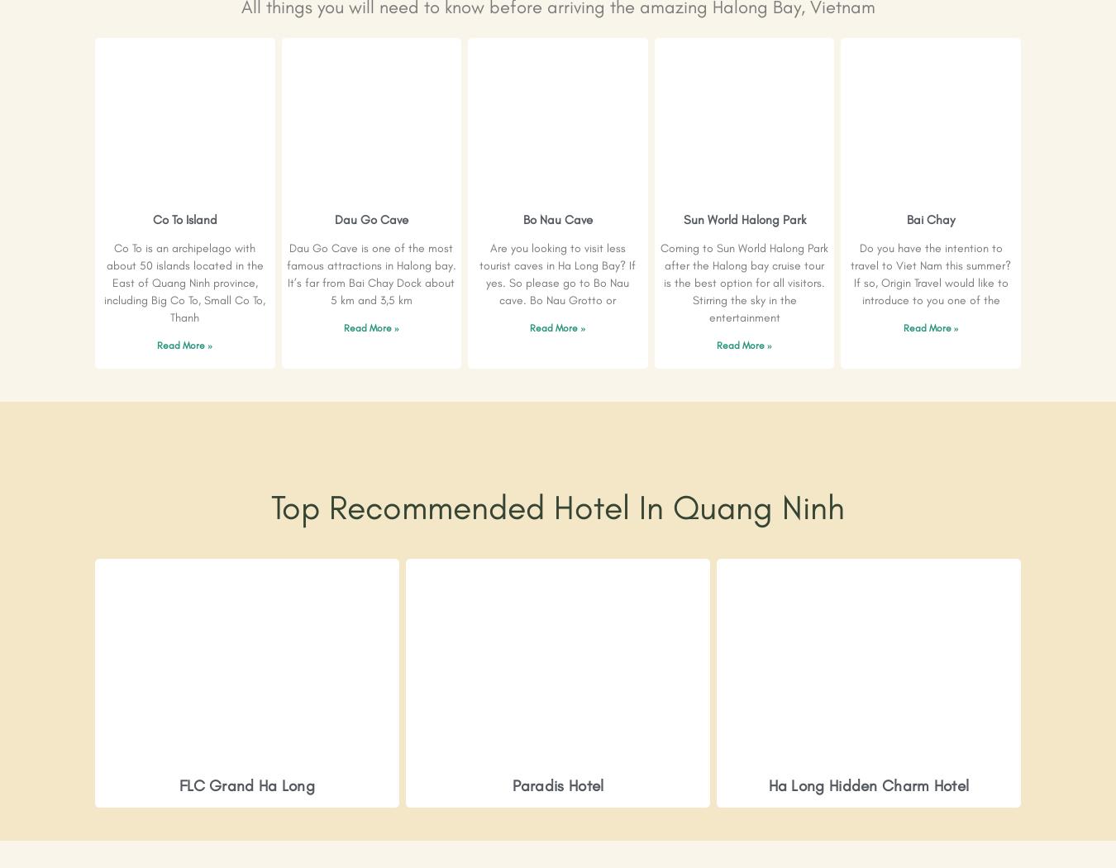 This screenshot has width=1116, height=868. What do you see at coordinates (930, 219) in the screenshot?
I see `'Bai Chay'` at bounding box center [930, 219].